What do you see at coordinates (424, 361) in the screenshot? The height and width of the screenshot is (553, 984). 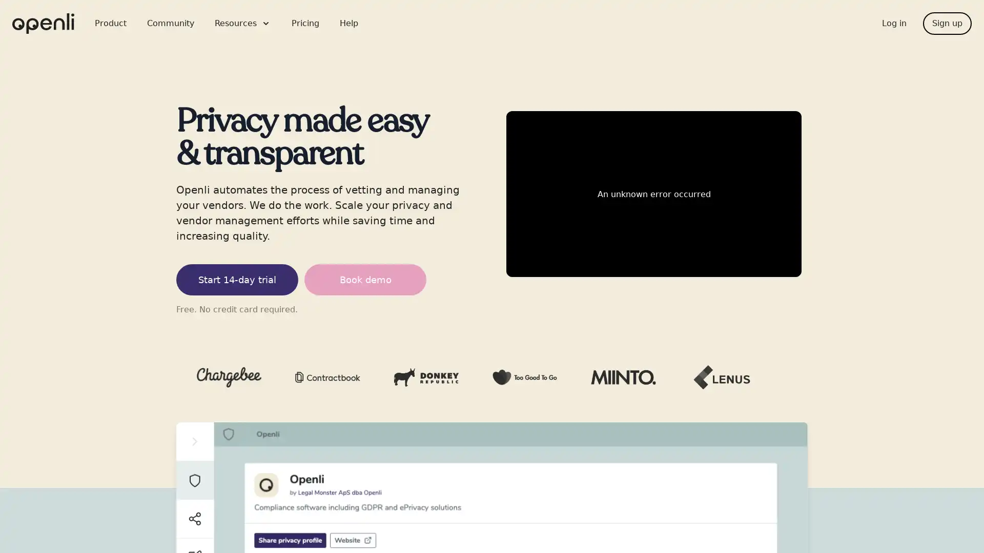 I see `Accept necessary` at bounding box center [424, 361].